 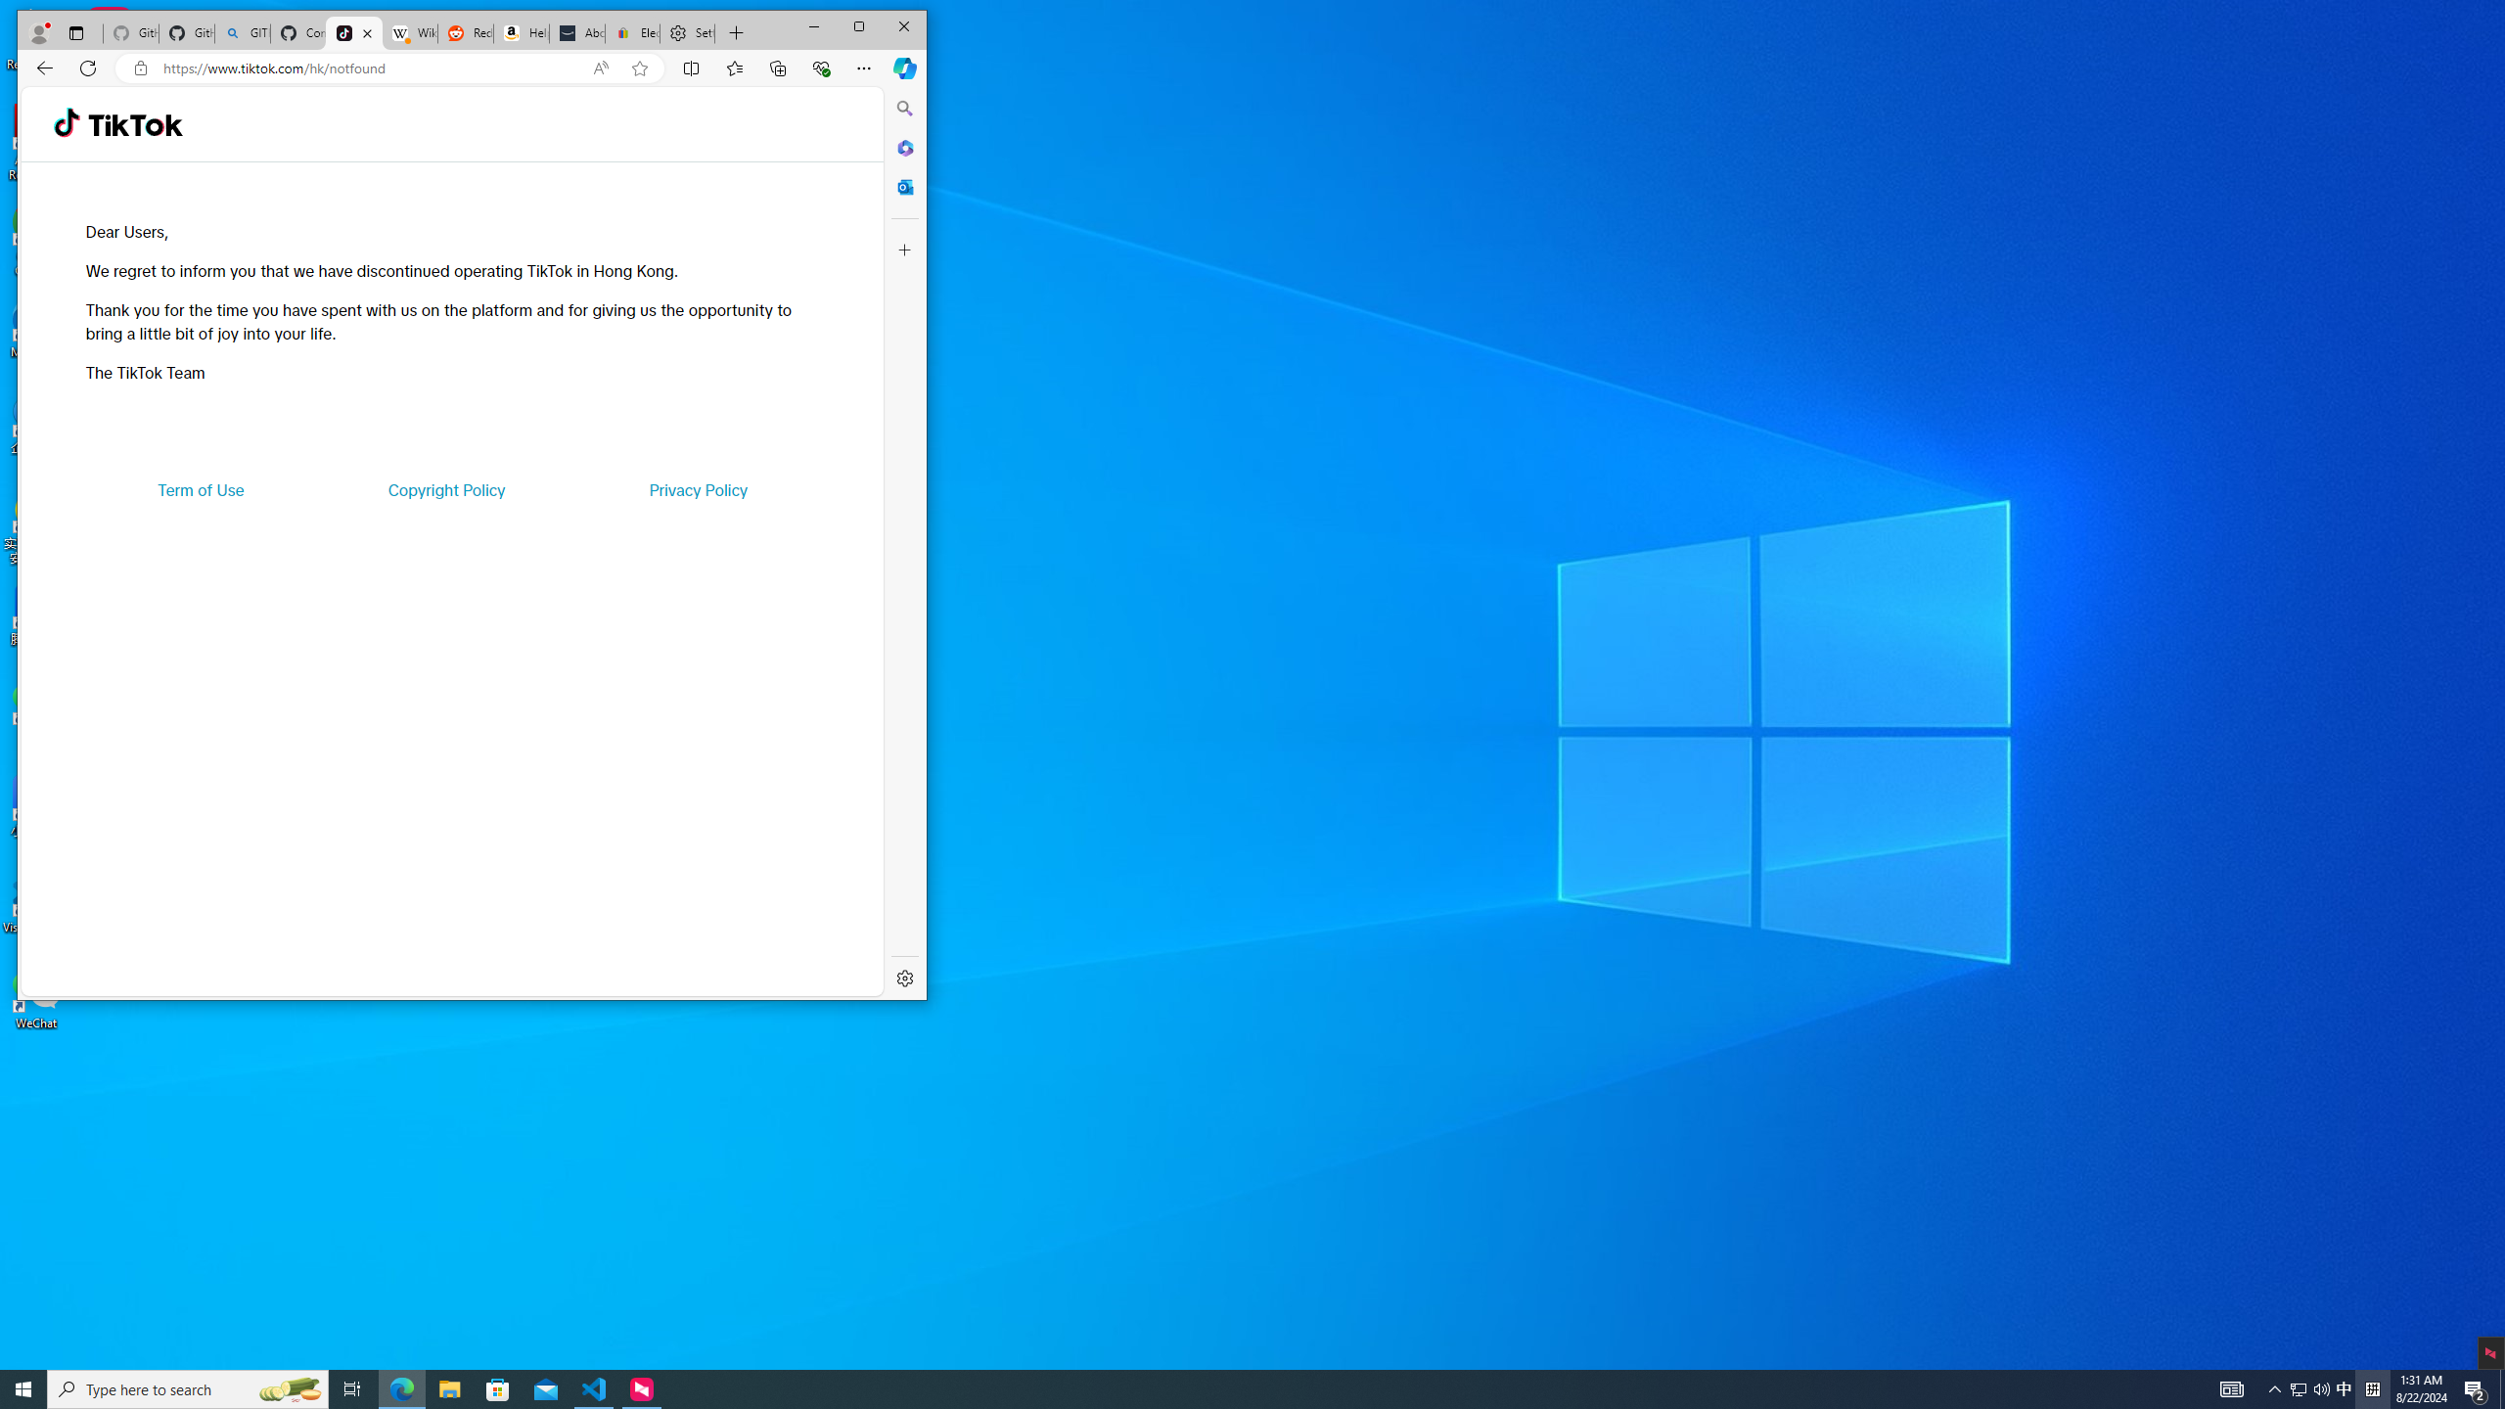 What do you see at coordinates (697, 490) in the screenshot?
I see `'Privacy Policy'` at bounding box center [697, 490].